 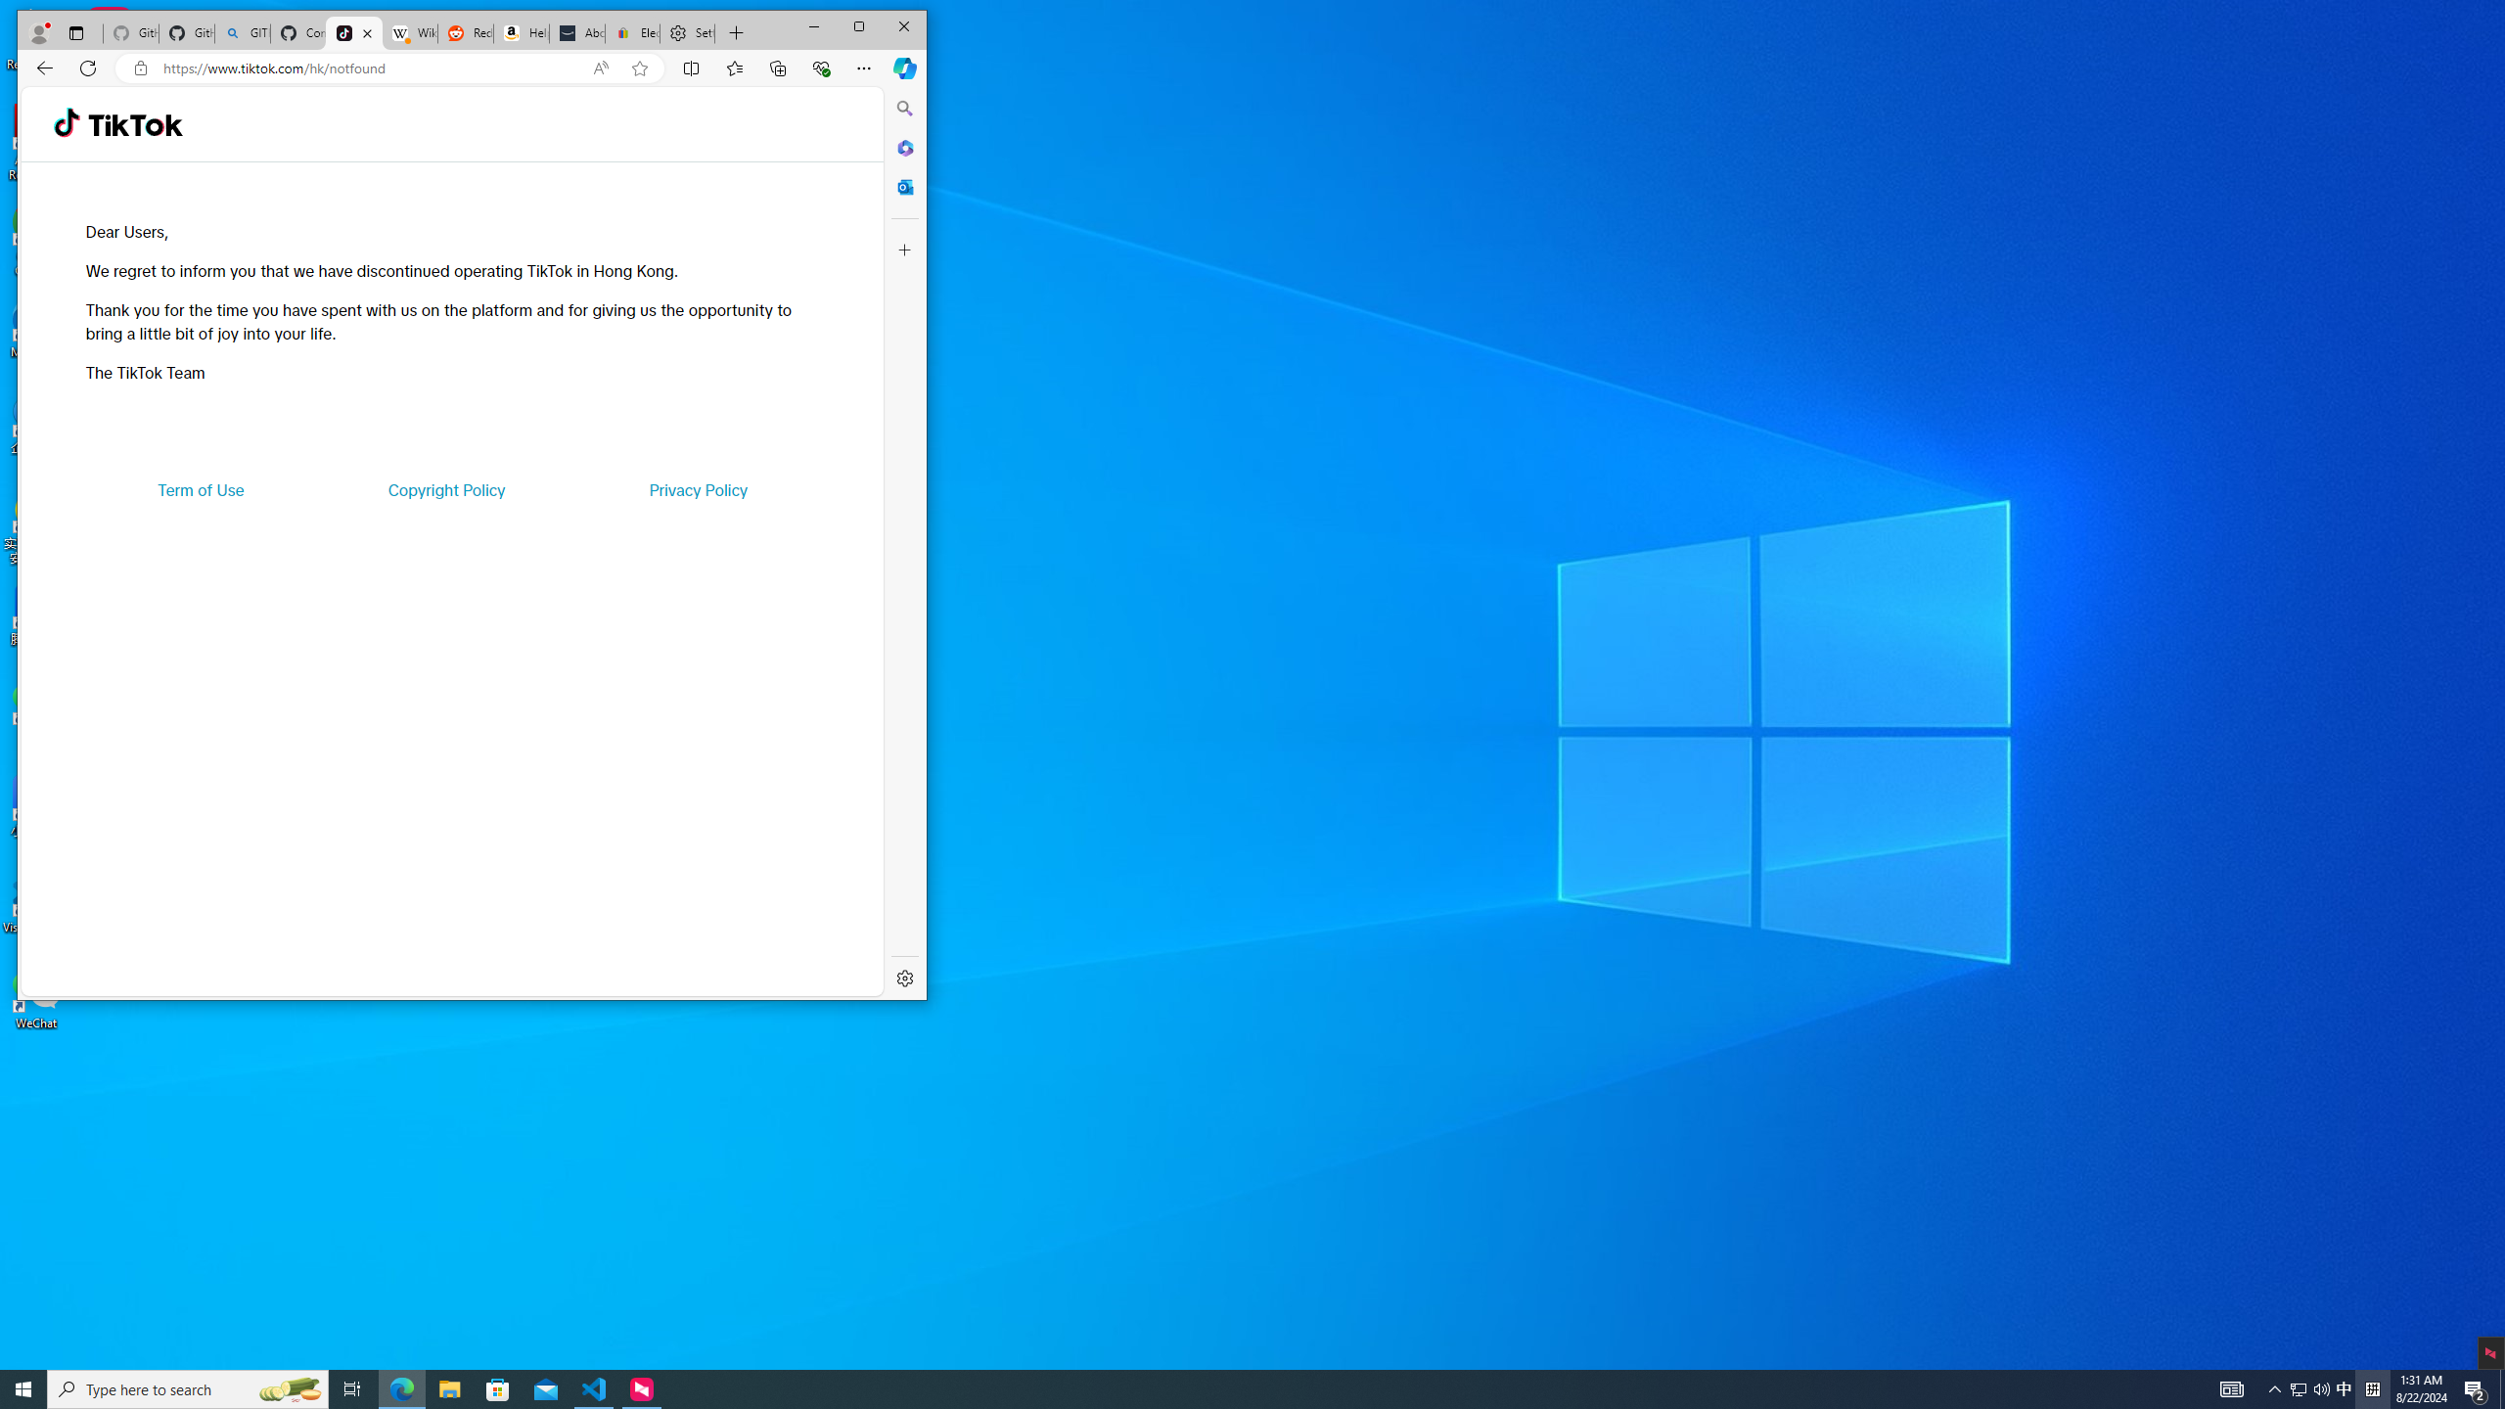 What do you see at coordinates (697, 490) in the screenshot?
I see `'Privacy Policy'` at bounding box center [697, 490].